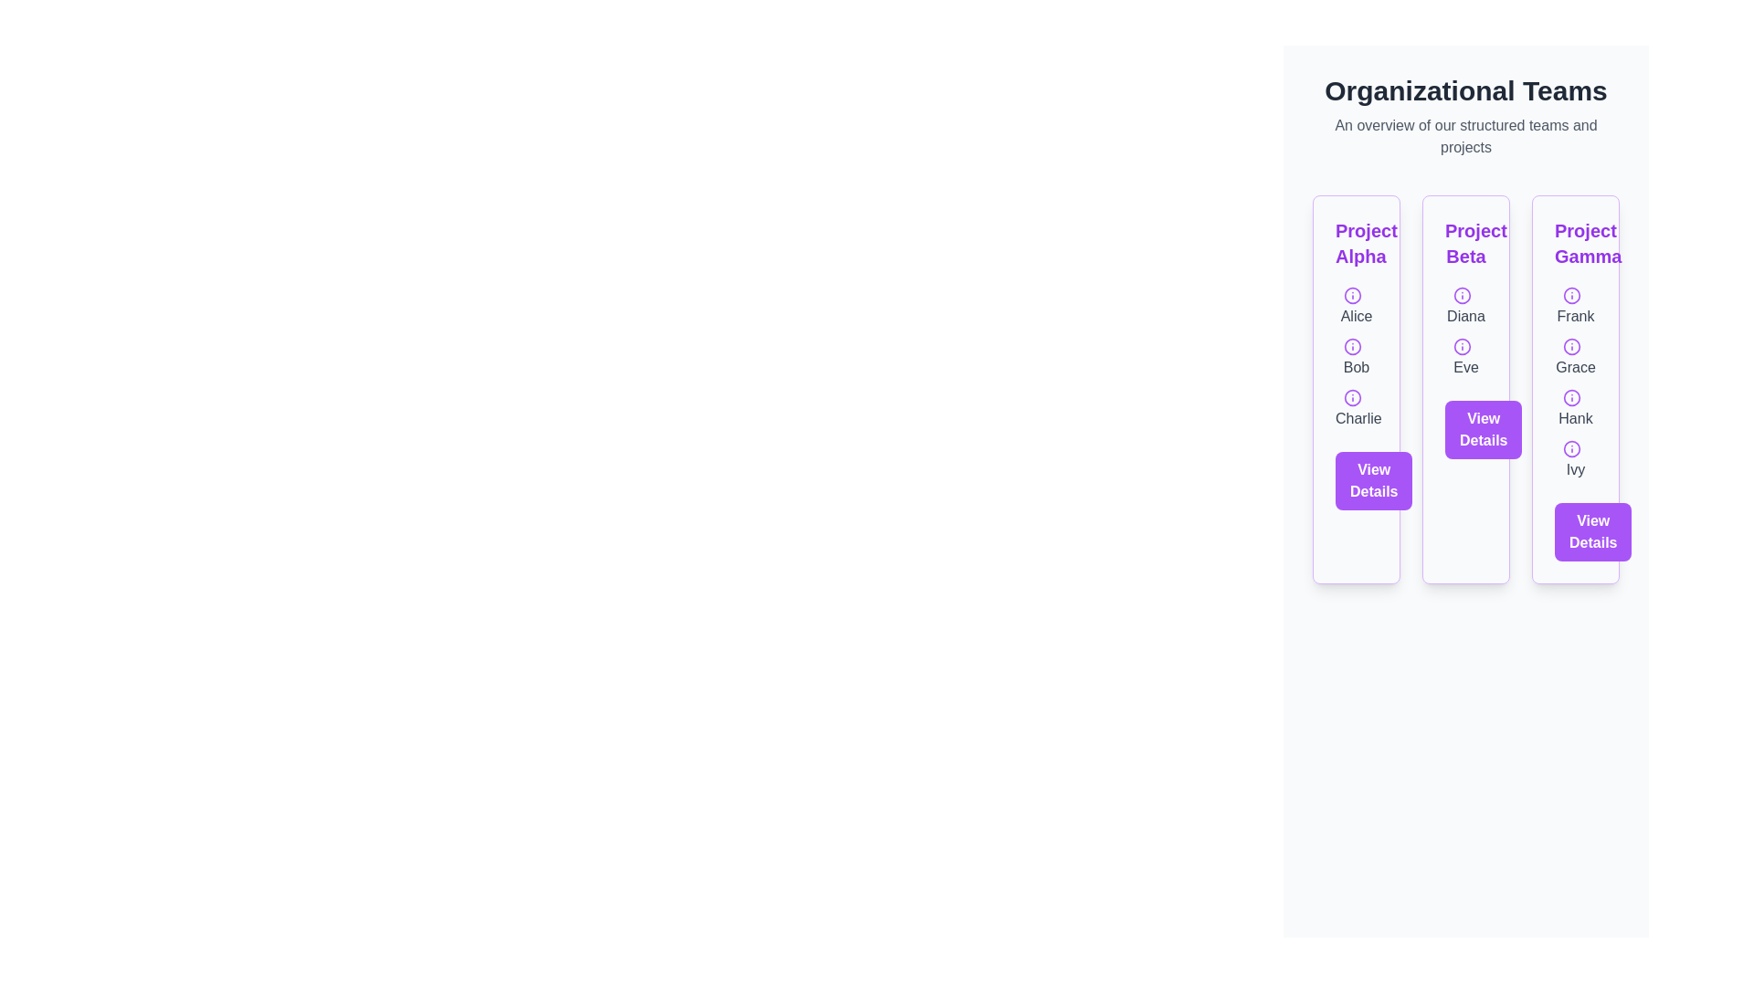 This screenshot has height=986, width=1754. What do you see at coordinates (1574, 242) in the screenshot?
I see `the static text label 'Project Gamma', which is styled in a large font size, bold weight, and purple color, located at the top of a card in the rightmost column of a grid layout` at bounding box center [1574, 242].